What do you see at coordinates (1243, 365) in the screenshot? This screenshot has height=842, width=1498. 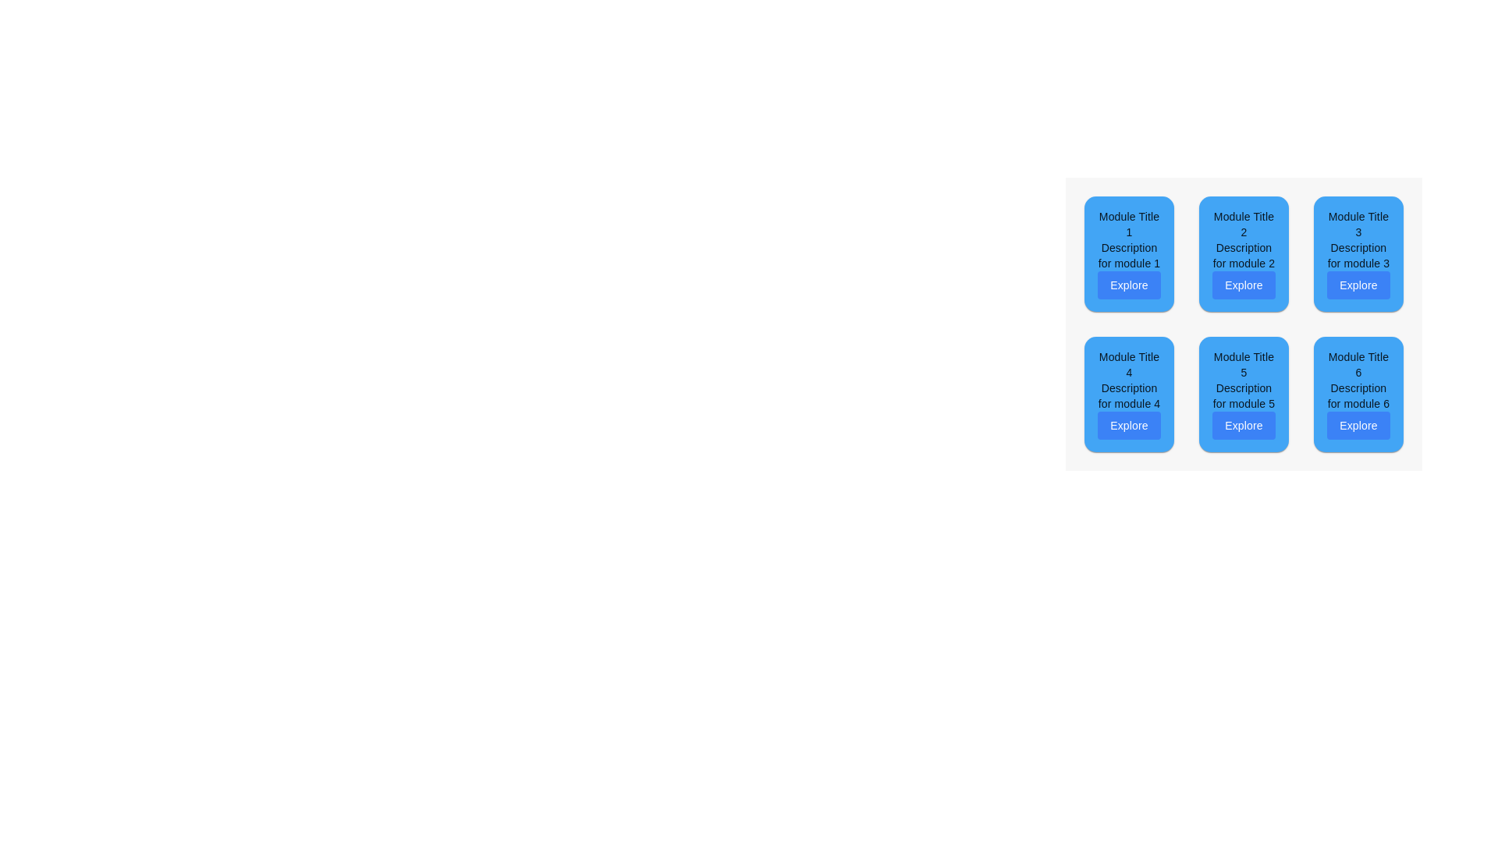 I see `the static text label element that serves as the title for the fifth module in the grid layout, located in the second row and second column` at bounding box center [1243, 365].